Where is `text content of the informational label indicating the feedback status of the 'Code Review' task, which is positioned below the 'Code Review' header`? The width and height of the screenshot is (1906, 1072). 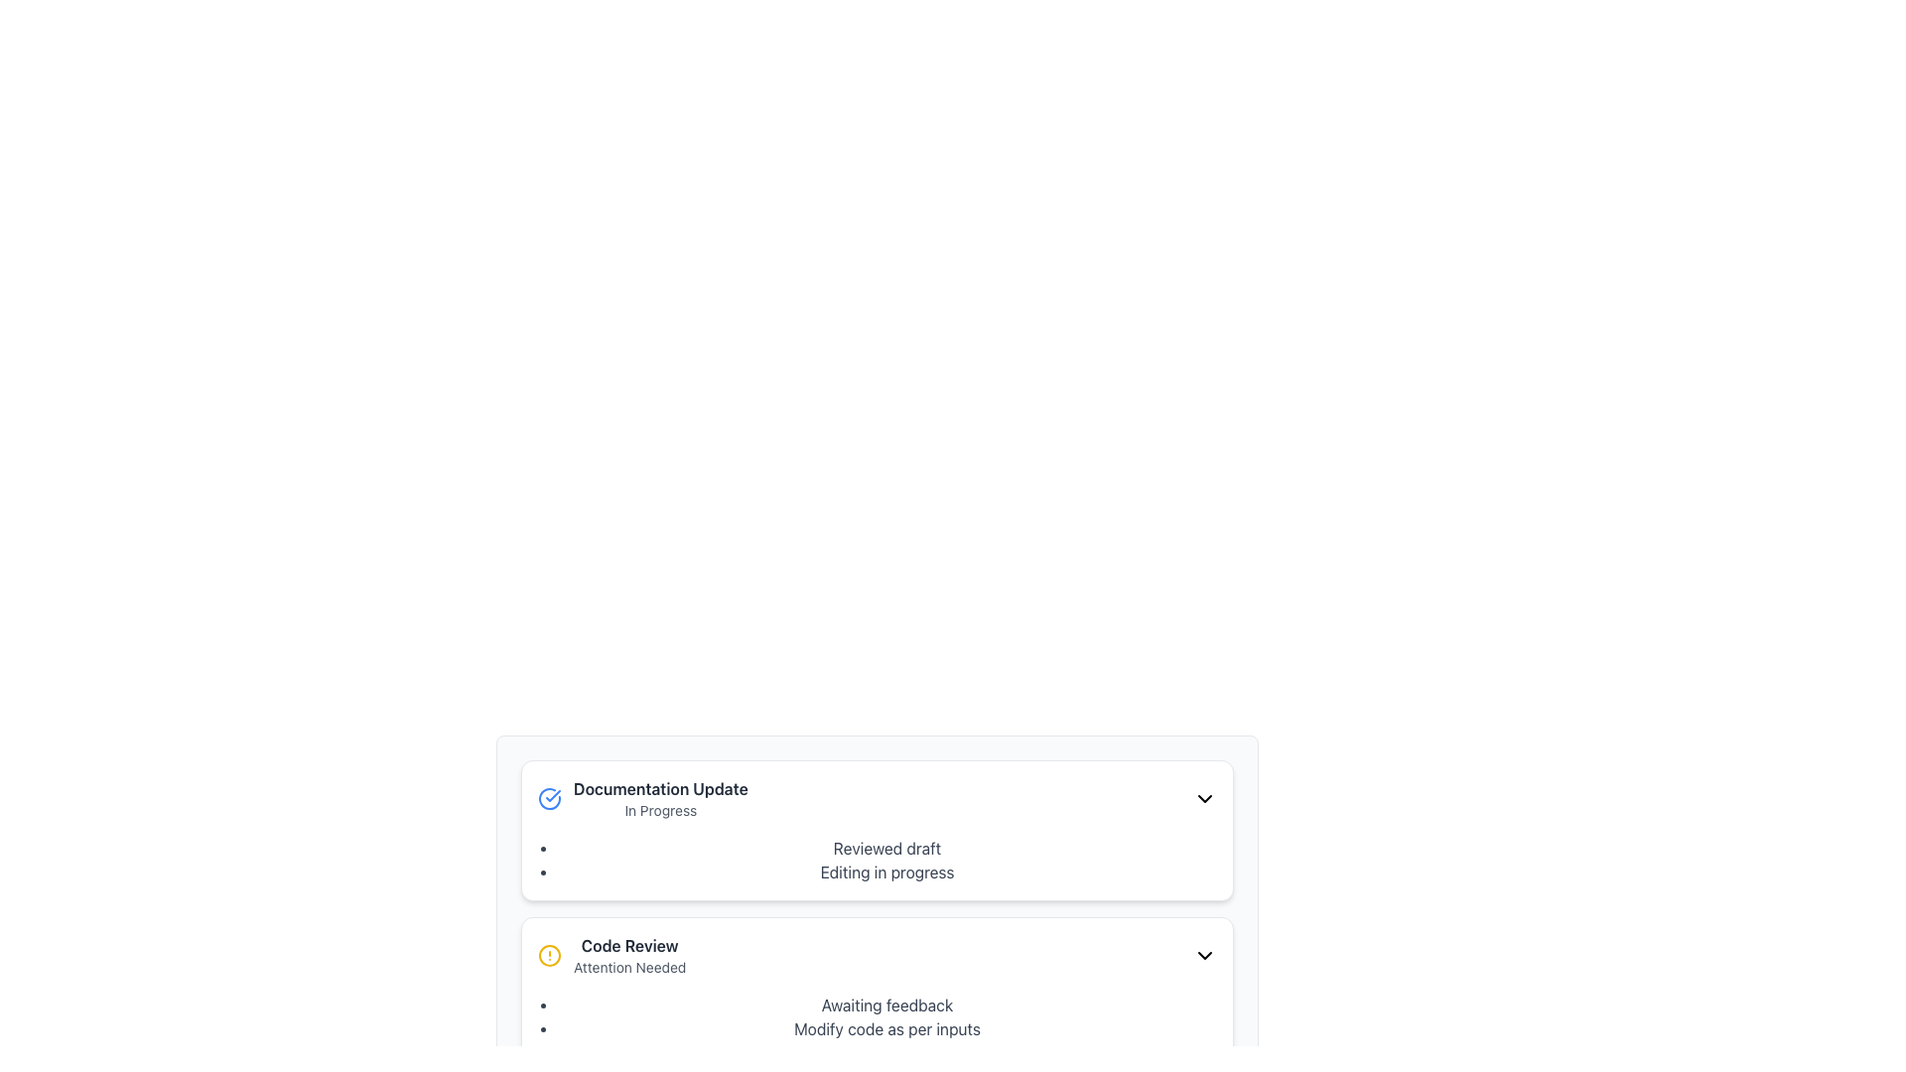 text content of the informational label indicating the feedback status of the 'Code Review' task, which is positioned below the 'Code Review' header is located at coordinates (885, 1005).